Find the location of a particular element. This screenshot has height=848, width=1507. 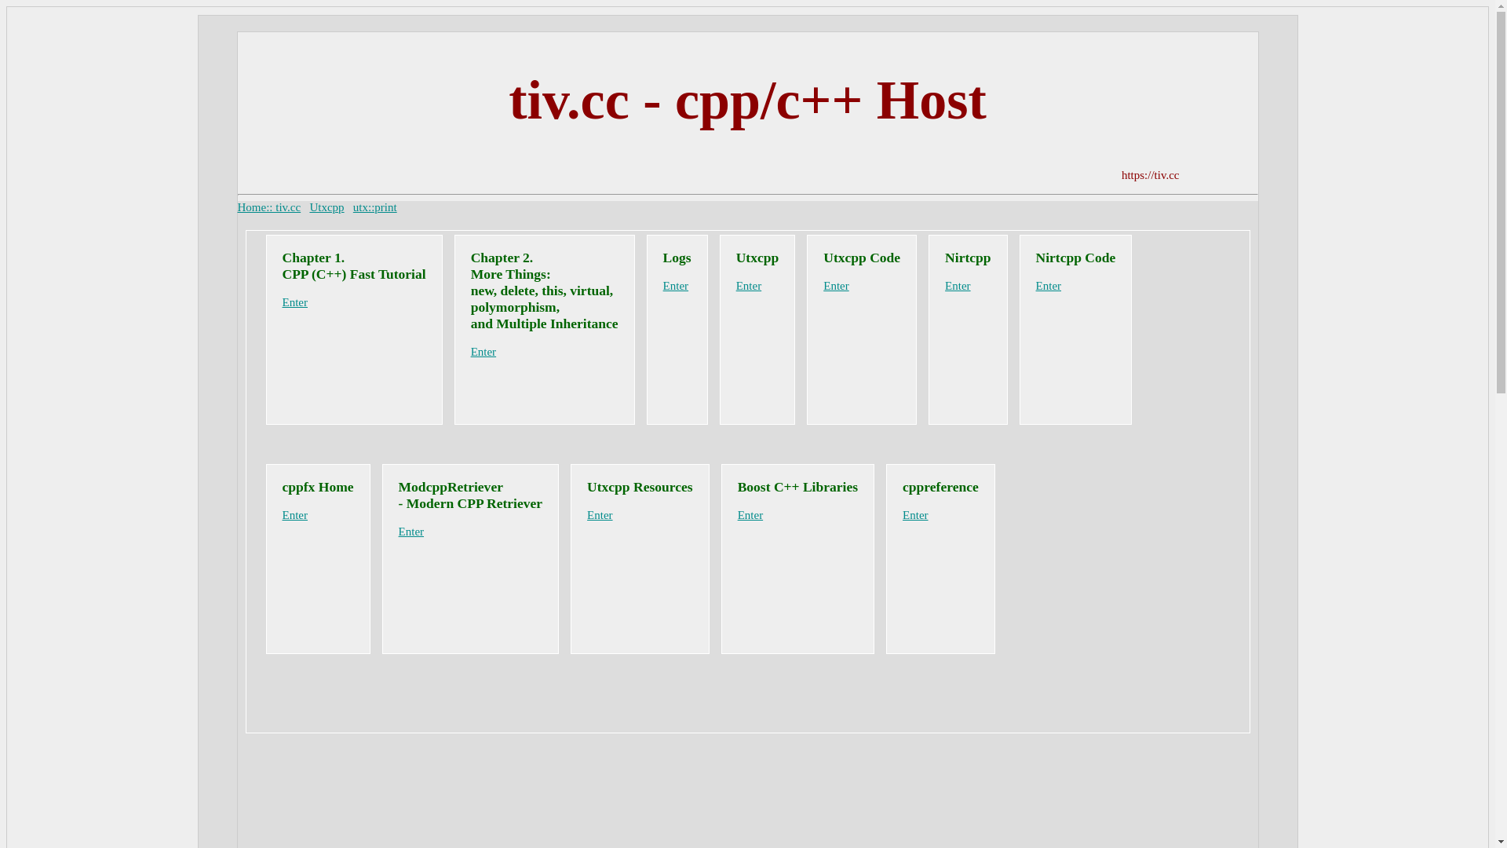

'Enter' is located at coordinates (283, 514).